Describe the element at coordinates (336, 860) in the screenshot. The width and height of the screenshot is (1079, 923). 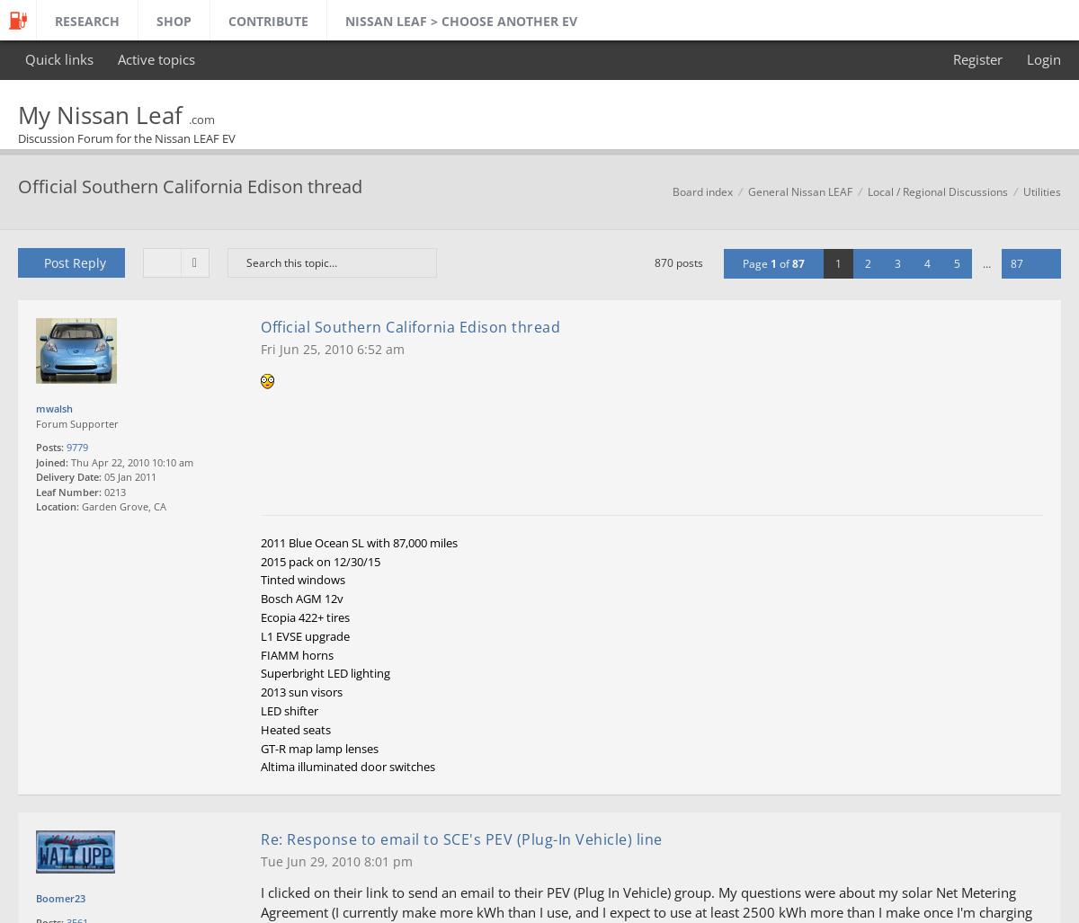
I see `'Tue Jun 29, 2010 8:01 pm'` at that location.